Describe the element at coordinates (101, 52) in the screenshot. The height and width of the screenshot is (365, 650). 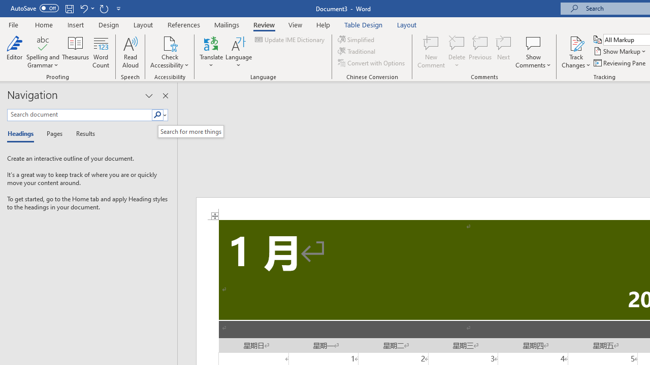
I see `'Word Count'` at that location.